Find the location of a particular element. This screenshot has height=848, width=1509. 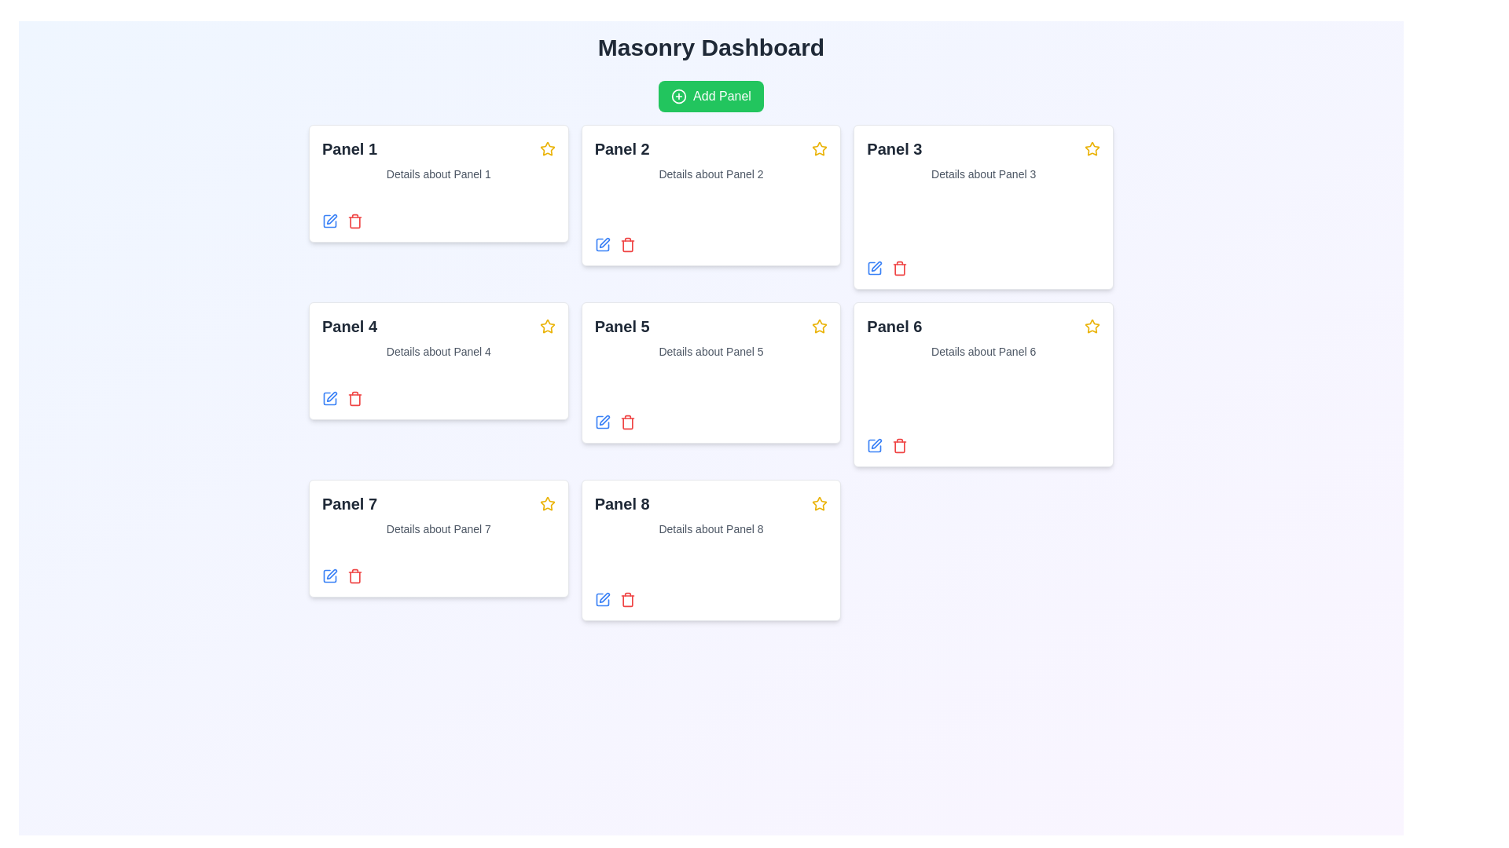

the red trash bin icon located beneath the label 'Panel 3' is located at coordinates (900, 268).